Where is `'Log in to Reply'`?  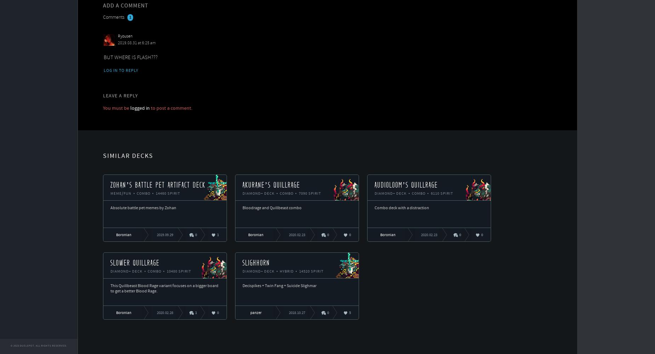
'Log in to Reply' is located at coordinates (103, 70).